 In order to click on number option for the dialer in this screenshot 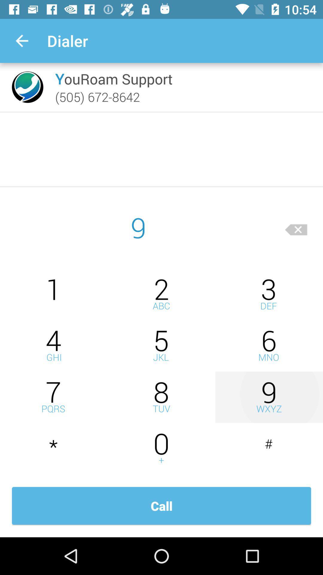, I will do `click(54, 294)`.